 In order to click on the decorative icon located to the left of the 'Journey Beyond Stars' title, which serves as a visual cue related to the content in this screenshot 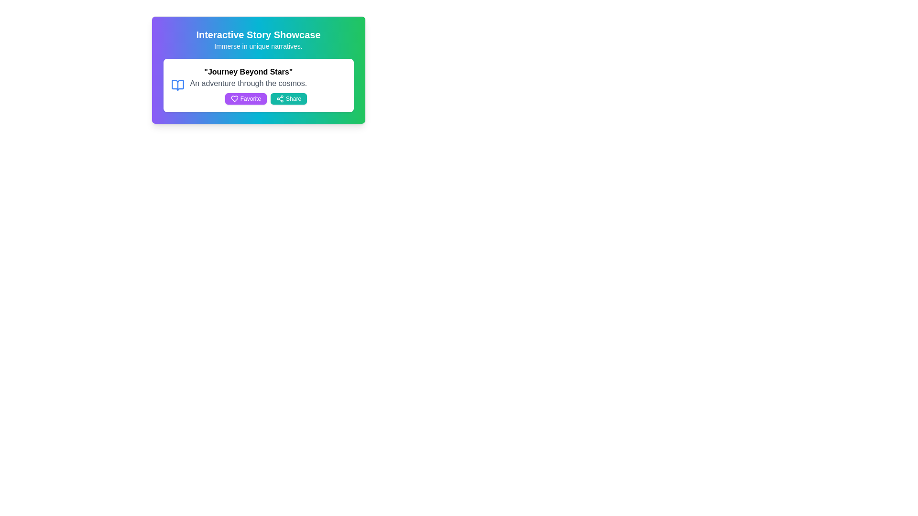, I will do `click(177, 85)`.